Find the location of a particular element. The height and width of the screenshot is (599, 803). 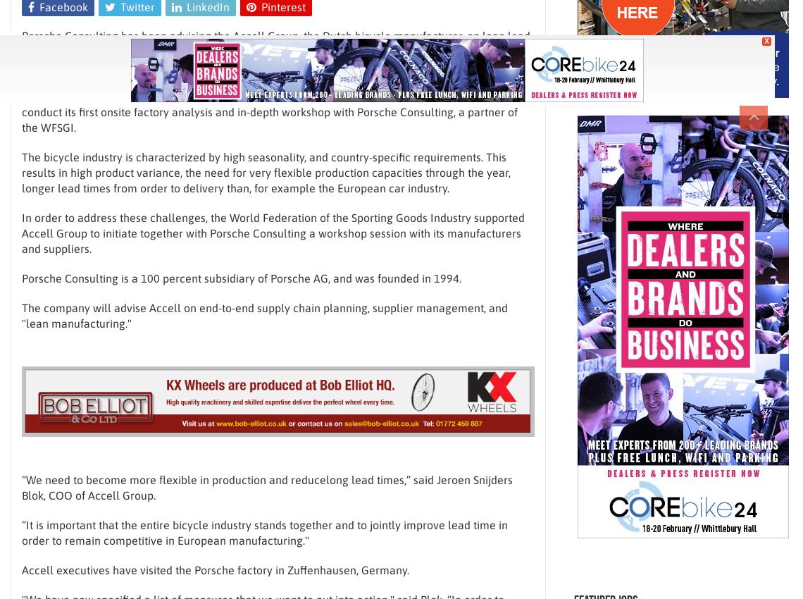

'The bicycle industry is characterized by high seasonality, and country-specific requirements. This results in high product variance, the need for very flexible production capacities through the year, longer lead times from order to delivery than, for example the European car industry.' is located at coordinates (266, 172).